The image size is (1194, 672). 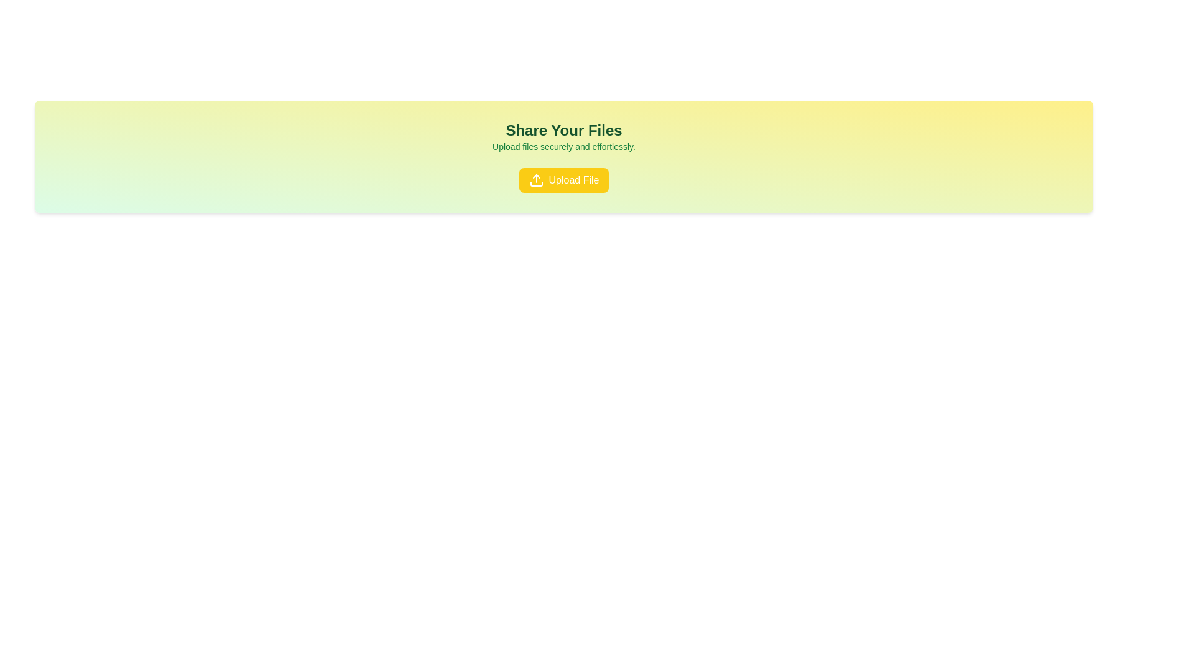 What do you see at coordinates (536, 180) in the screenshot?
I see `the upload icon, which is a graphical element resembling an upward-pointing arrow above a horizontal base, located inside the bright yellow 'Upload File' button` at bounding box center [536, 180].